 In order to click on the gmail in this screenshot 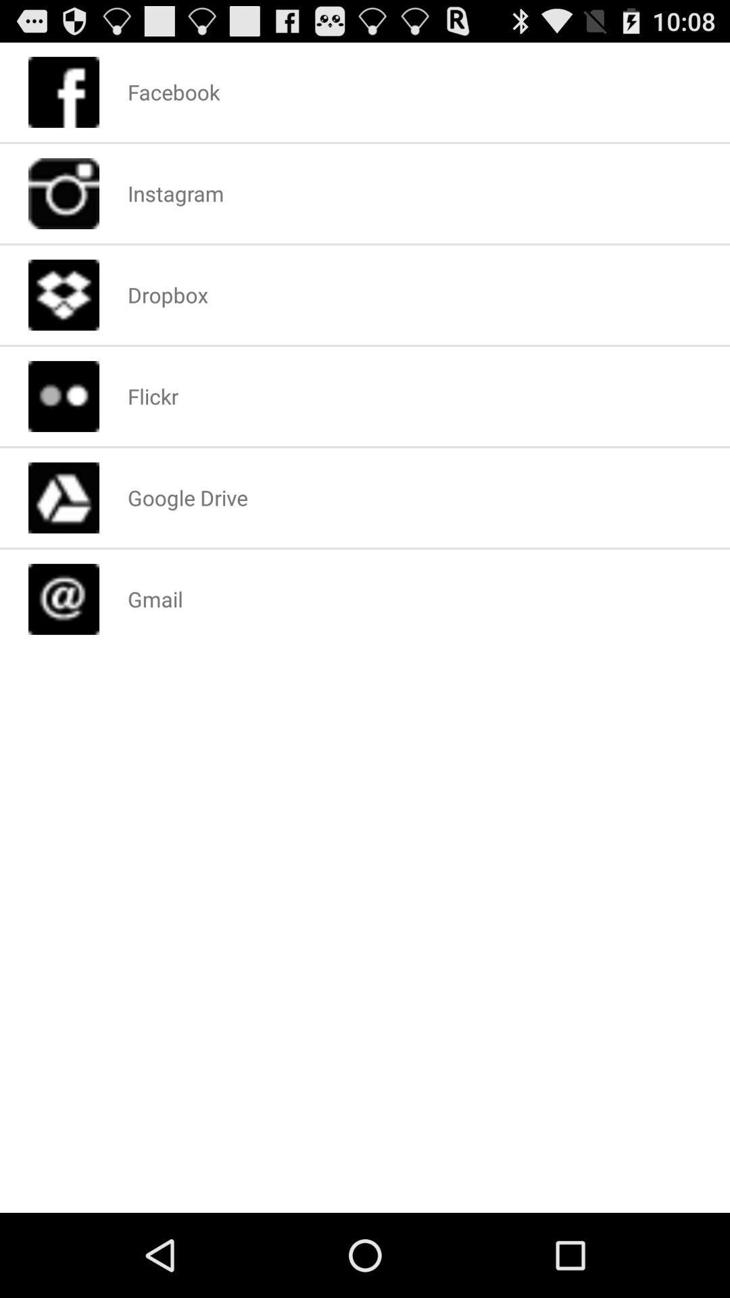, I will do `click(154, 598)`.